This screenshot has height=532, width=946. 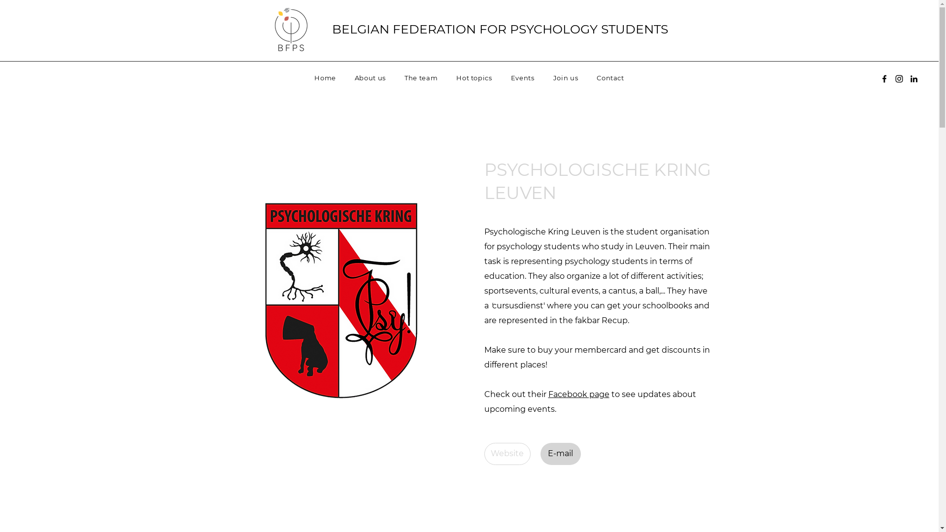 What do you see at coordinates (421, 77) in the screenshot?
I see `'The team'` at bounding box center [421, 77].